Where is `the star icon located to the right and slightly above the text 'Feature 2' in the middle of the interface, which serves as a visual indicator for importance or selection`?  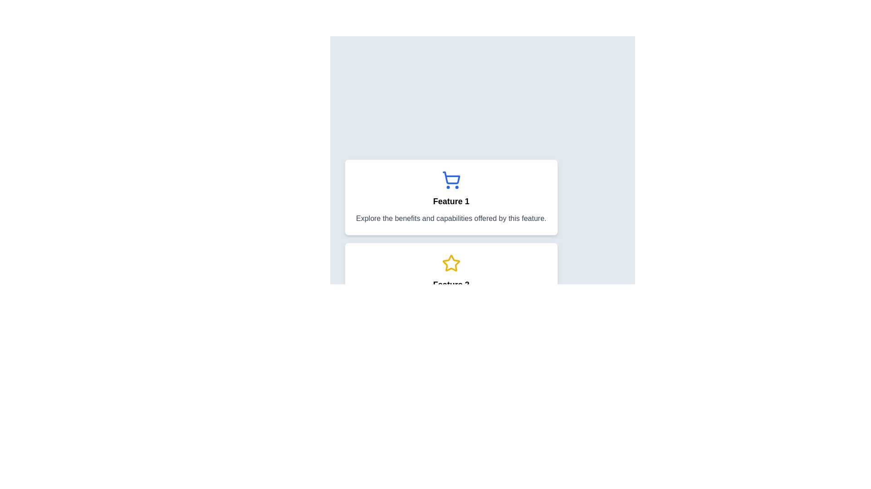 the star icon located to the right and slightly above the text 'Feature 2' in the middle of the interface, which serves as a visual indicator for importance or selection is located at coordinates (451, 263).